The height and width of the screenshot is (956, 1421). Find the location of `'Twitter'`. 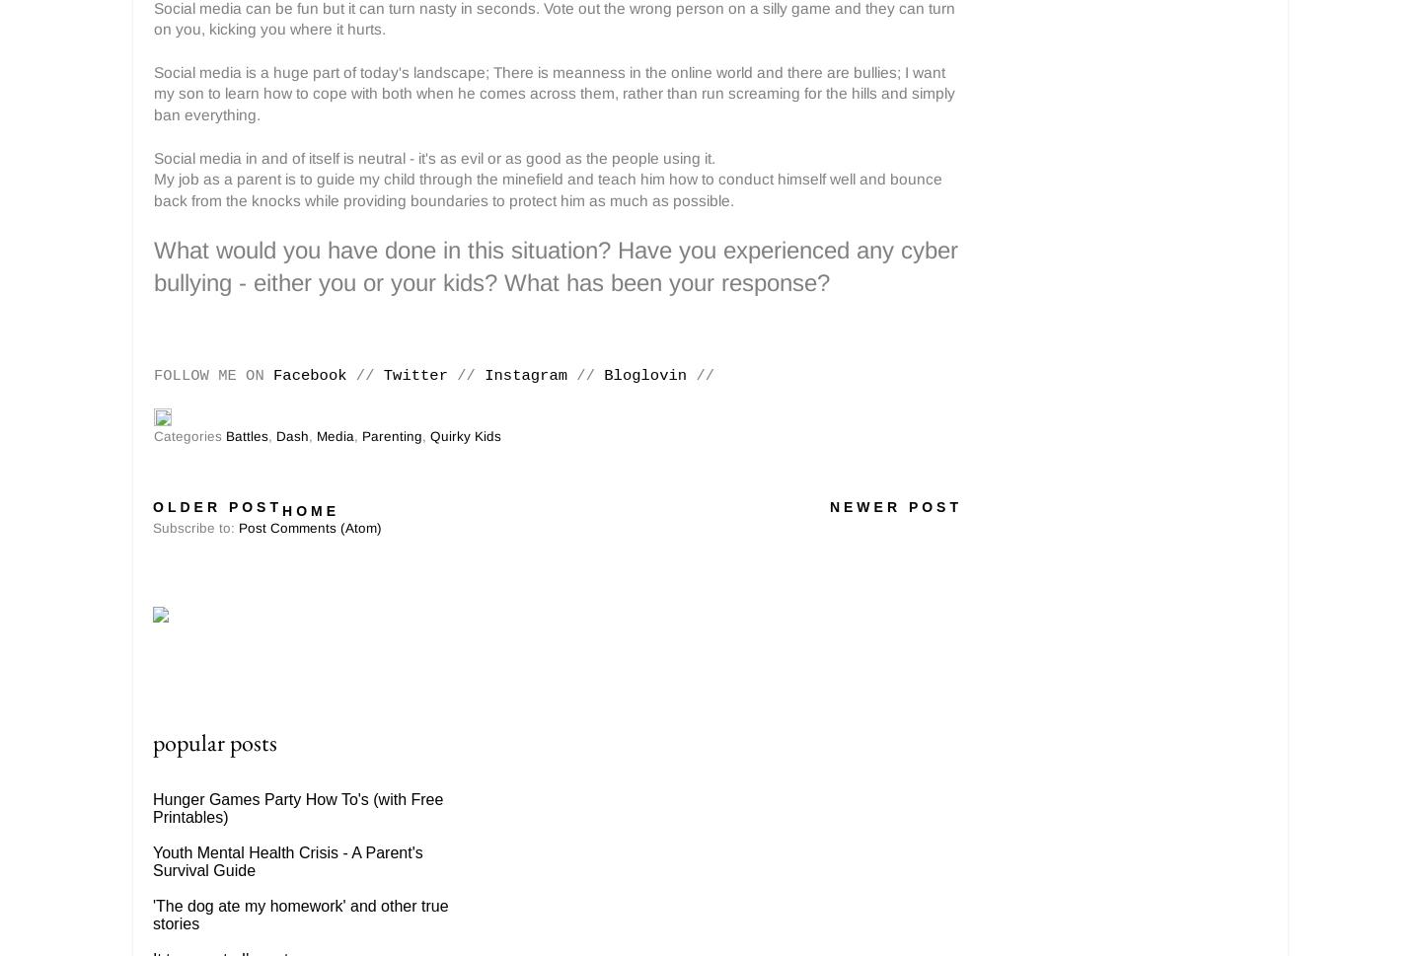

'Twitter' is located at coordinates (413, 376).